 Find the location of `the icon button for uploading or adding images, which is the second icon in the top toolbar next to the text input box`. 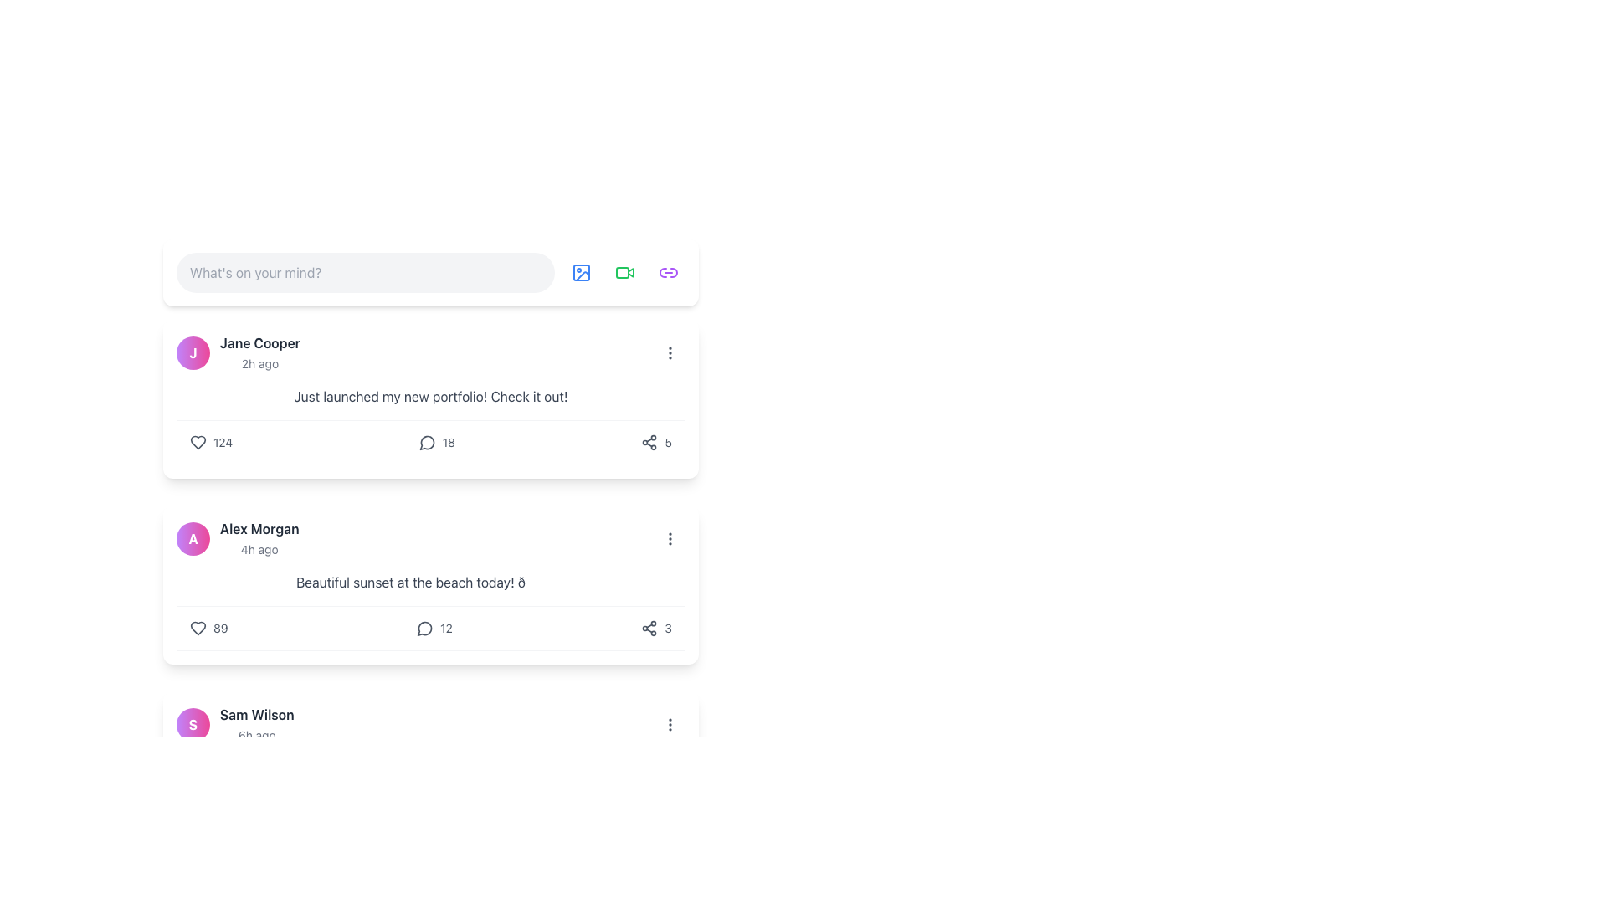

the icon button for uploading or adding images, which is the second icon in the top toolbar next to the text input box is located at coordinates (582, 272).